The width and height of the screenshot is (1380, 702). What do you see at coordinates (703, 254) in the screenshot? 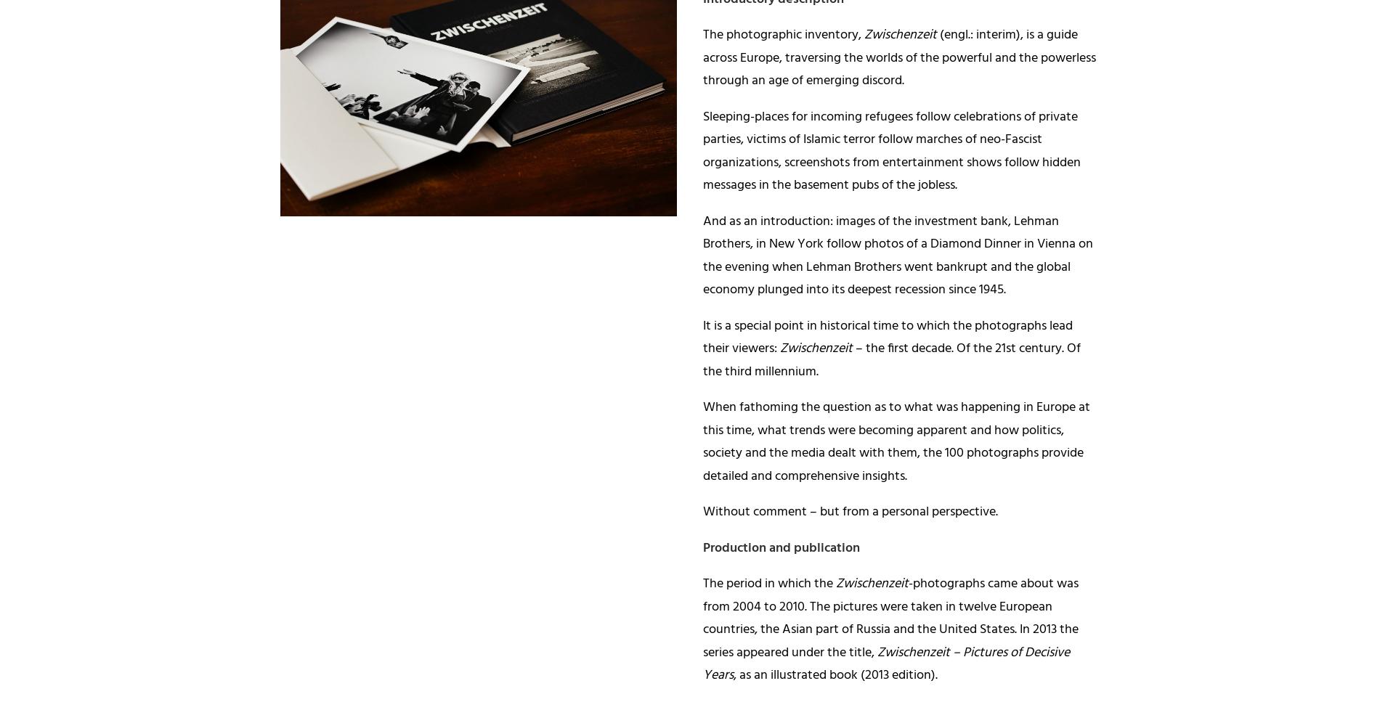
I see `'And as an introduction: images of the investment bank, Lehman Brothers, in New York follow photos of a Diamond Dinner in Vienna on the evening when Lehman Brothers went bankrupt and the global economy plunged into its deepest recession since 1945.'` at bounding box center [703, 254].